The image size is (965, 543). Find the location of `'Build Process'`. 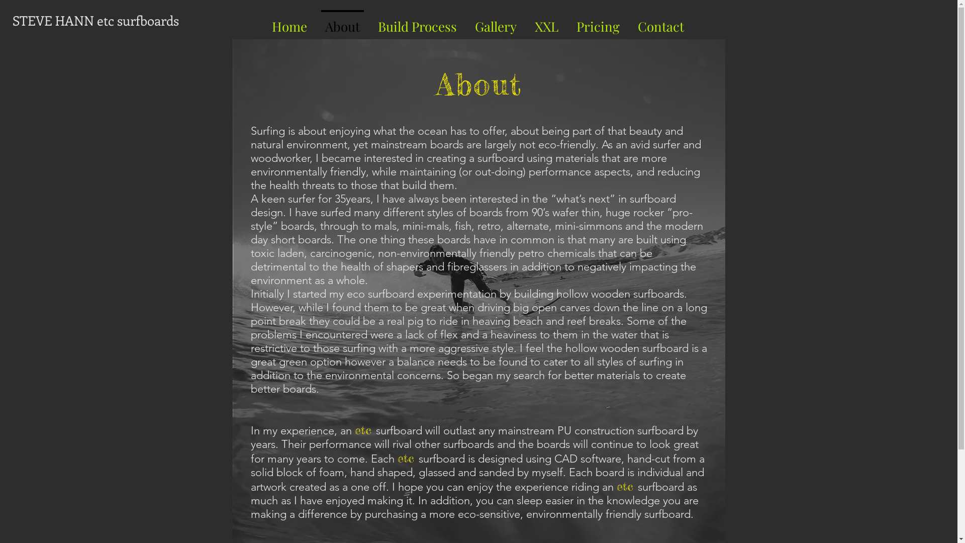

'Build Process' is located at coordinates (417, 22).